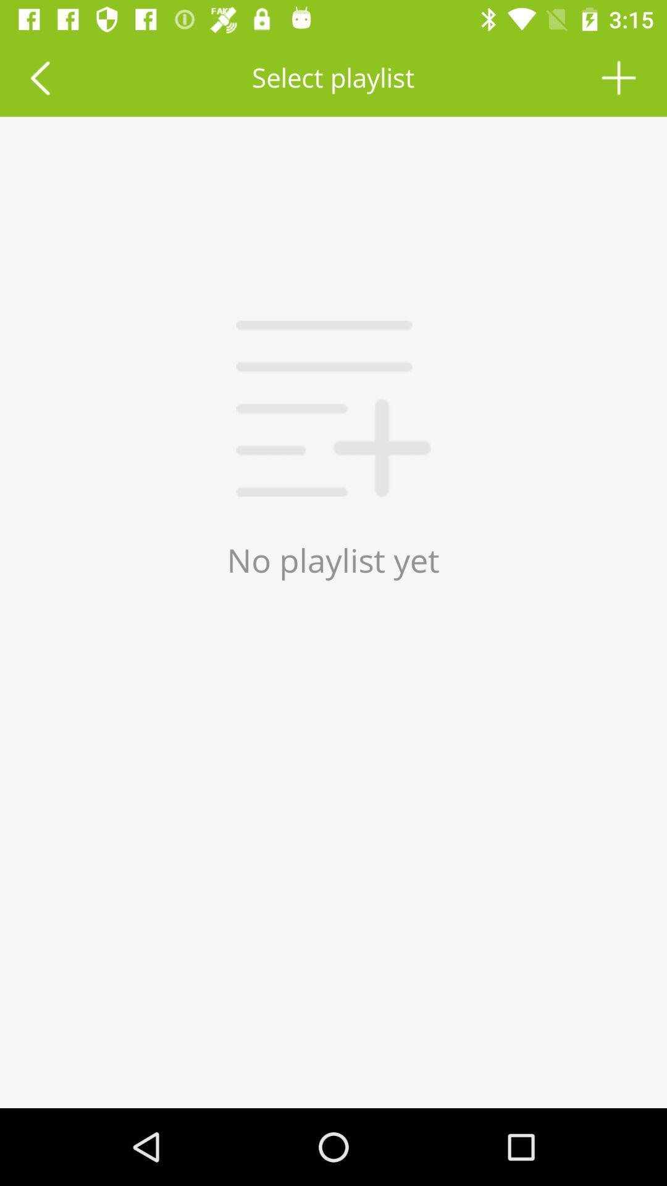 This screenshot has height=1186, width=667. What do you see at coordinates (619, 77) in the screenshot?
I see `icon at the top right corner` at bounding box center [619, 77].